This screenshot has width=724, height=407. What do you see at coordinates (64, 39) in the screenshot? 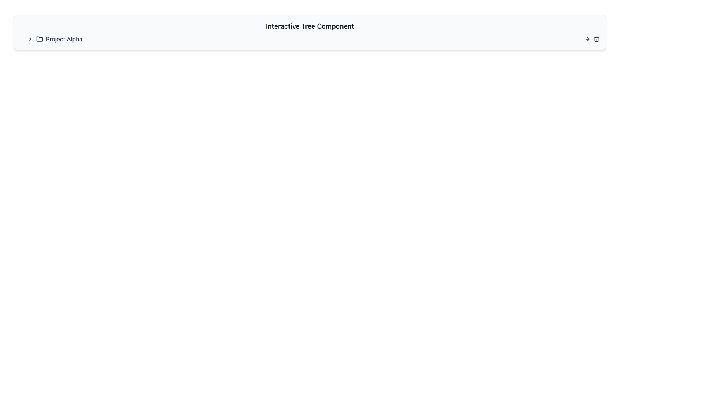
I see `the text 'Project Alpha' from the text label element in the hierarchical tree structure for copying` at bounding box center [64, 39].